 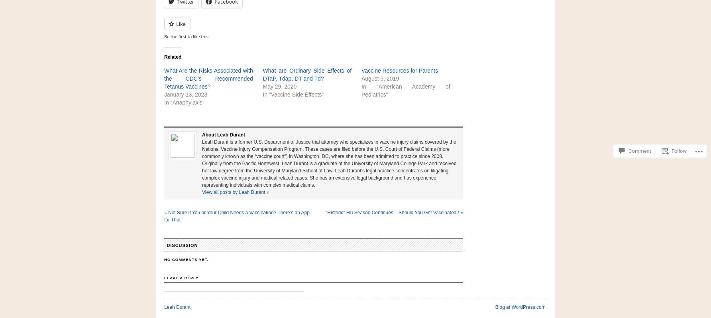 I want to click on 'Blog at WordPress.com.', so click(x=495, y=307).